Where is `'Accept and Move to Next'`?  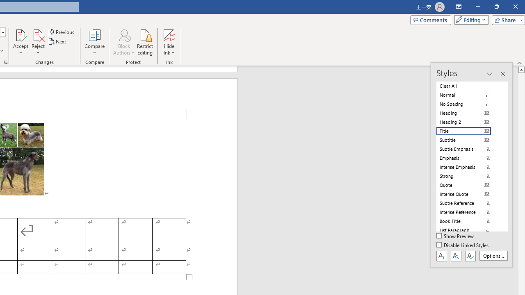
'Accept and Move to Next' is located at coordinates (21, 34).